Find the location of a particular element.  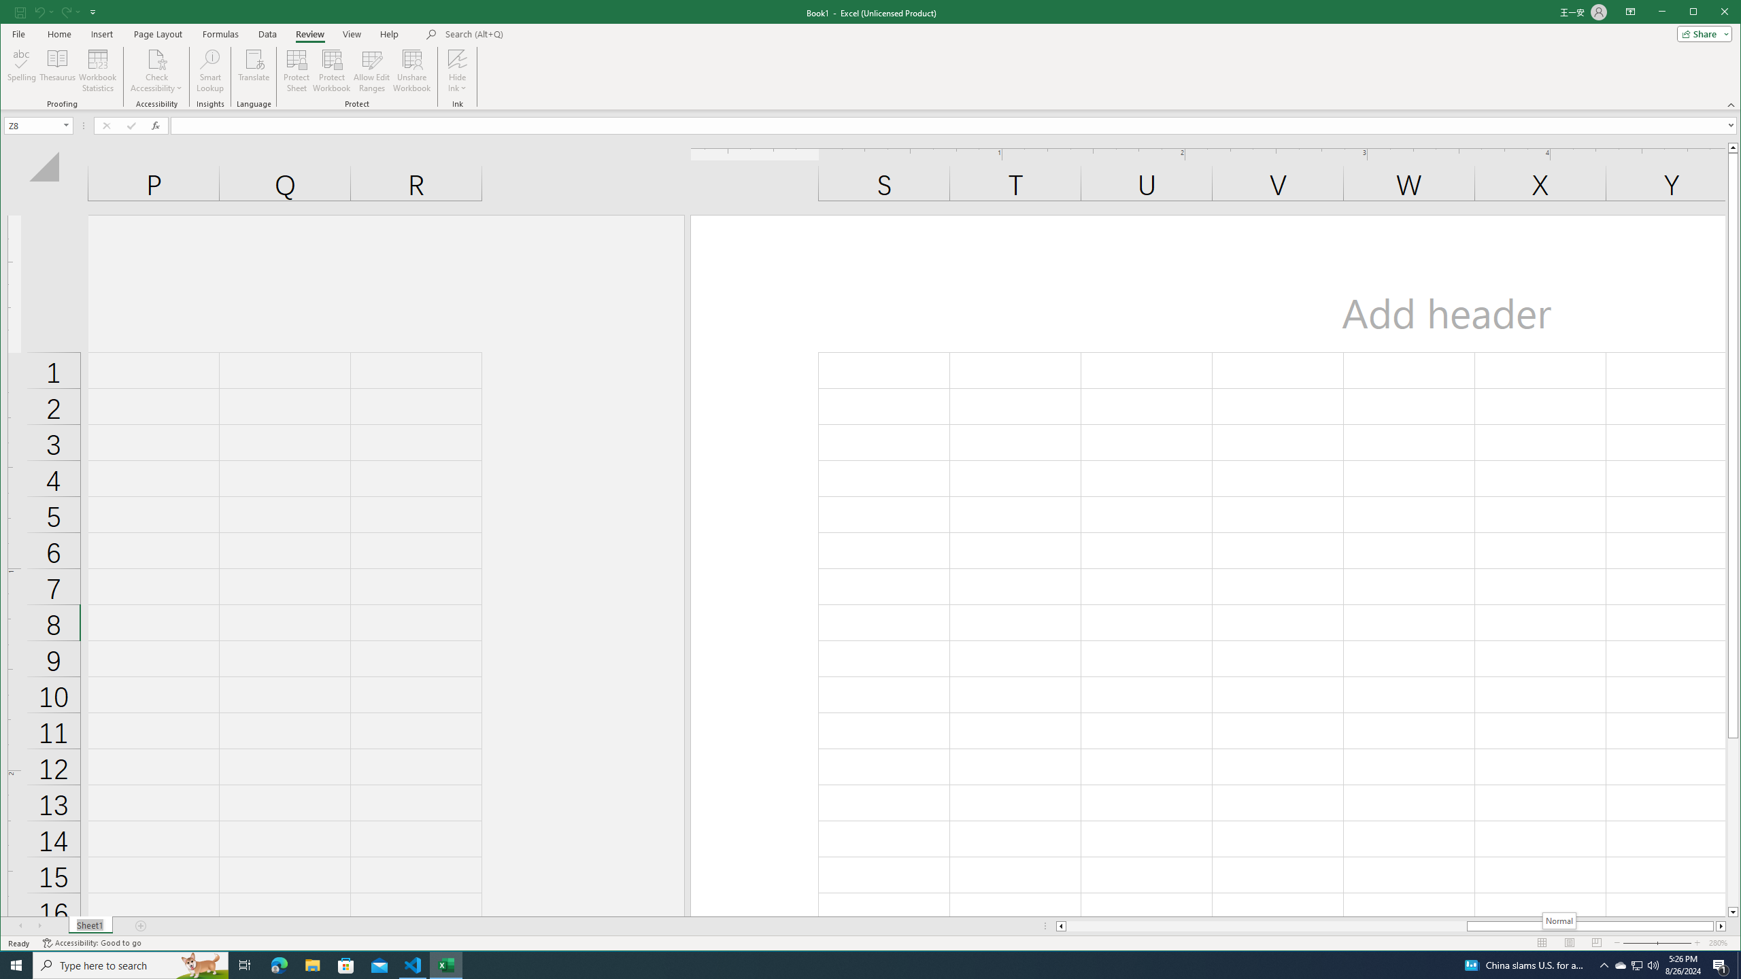

'Spelling...' is located at coordinates (22, 70).